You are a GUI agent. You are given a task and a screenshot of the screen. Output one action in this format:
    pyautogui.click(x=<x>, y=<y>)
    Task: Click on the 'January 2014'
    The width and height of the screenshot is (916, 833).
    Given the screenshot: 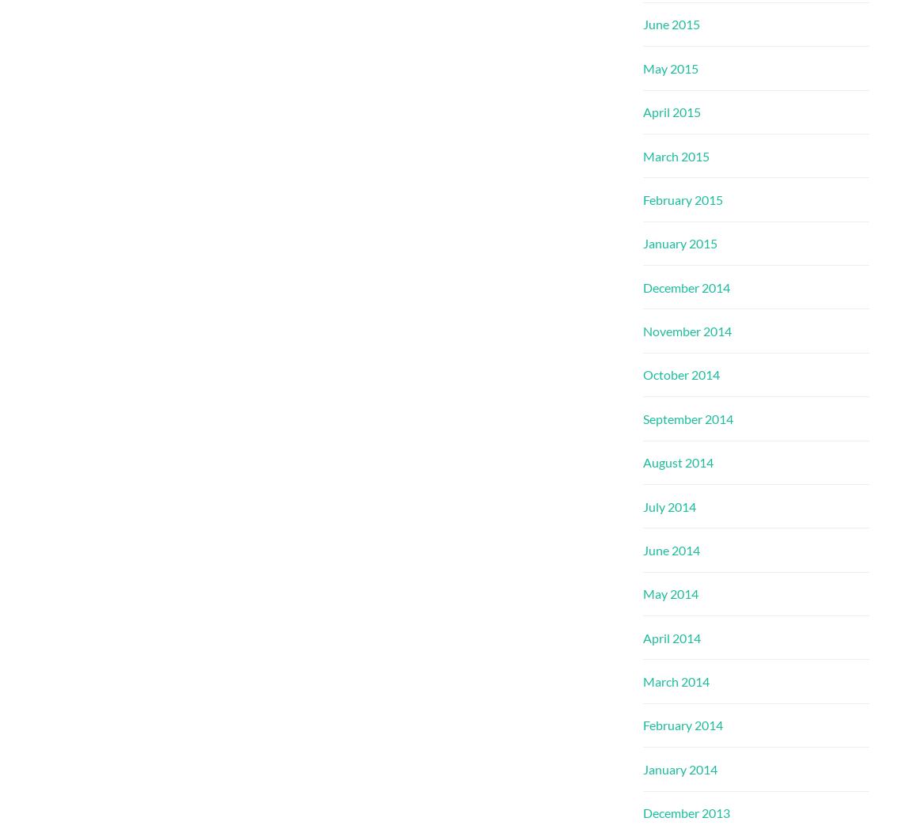 What is the action you would take?
    pyautogui.click(x=679, y=768)
    